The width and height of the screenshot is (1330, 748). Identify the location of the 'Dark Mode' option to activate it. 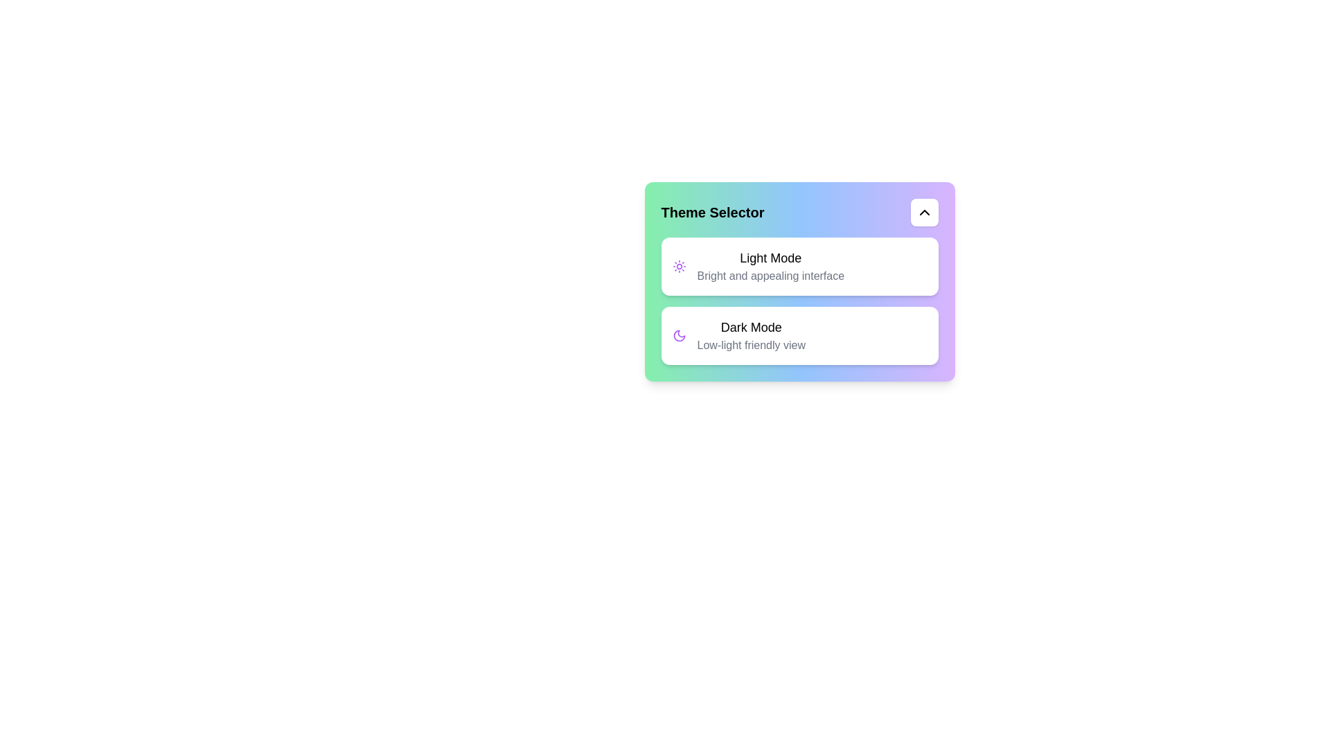
(799, 336).